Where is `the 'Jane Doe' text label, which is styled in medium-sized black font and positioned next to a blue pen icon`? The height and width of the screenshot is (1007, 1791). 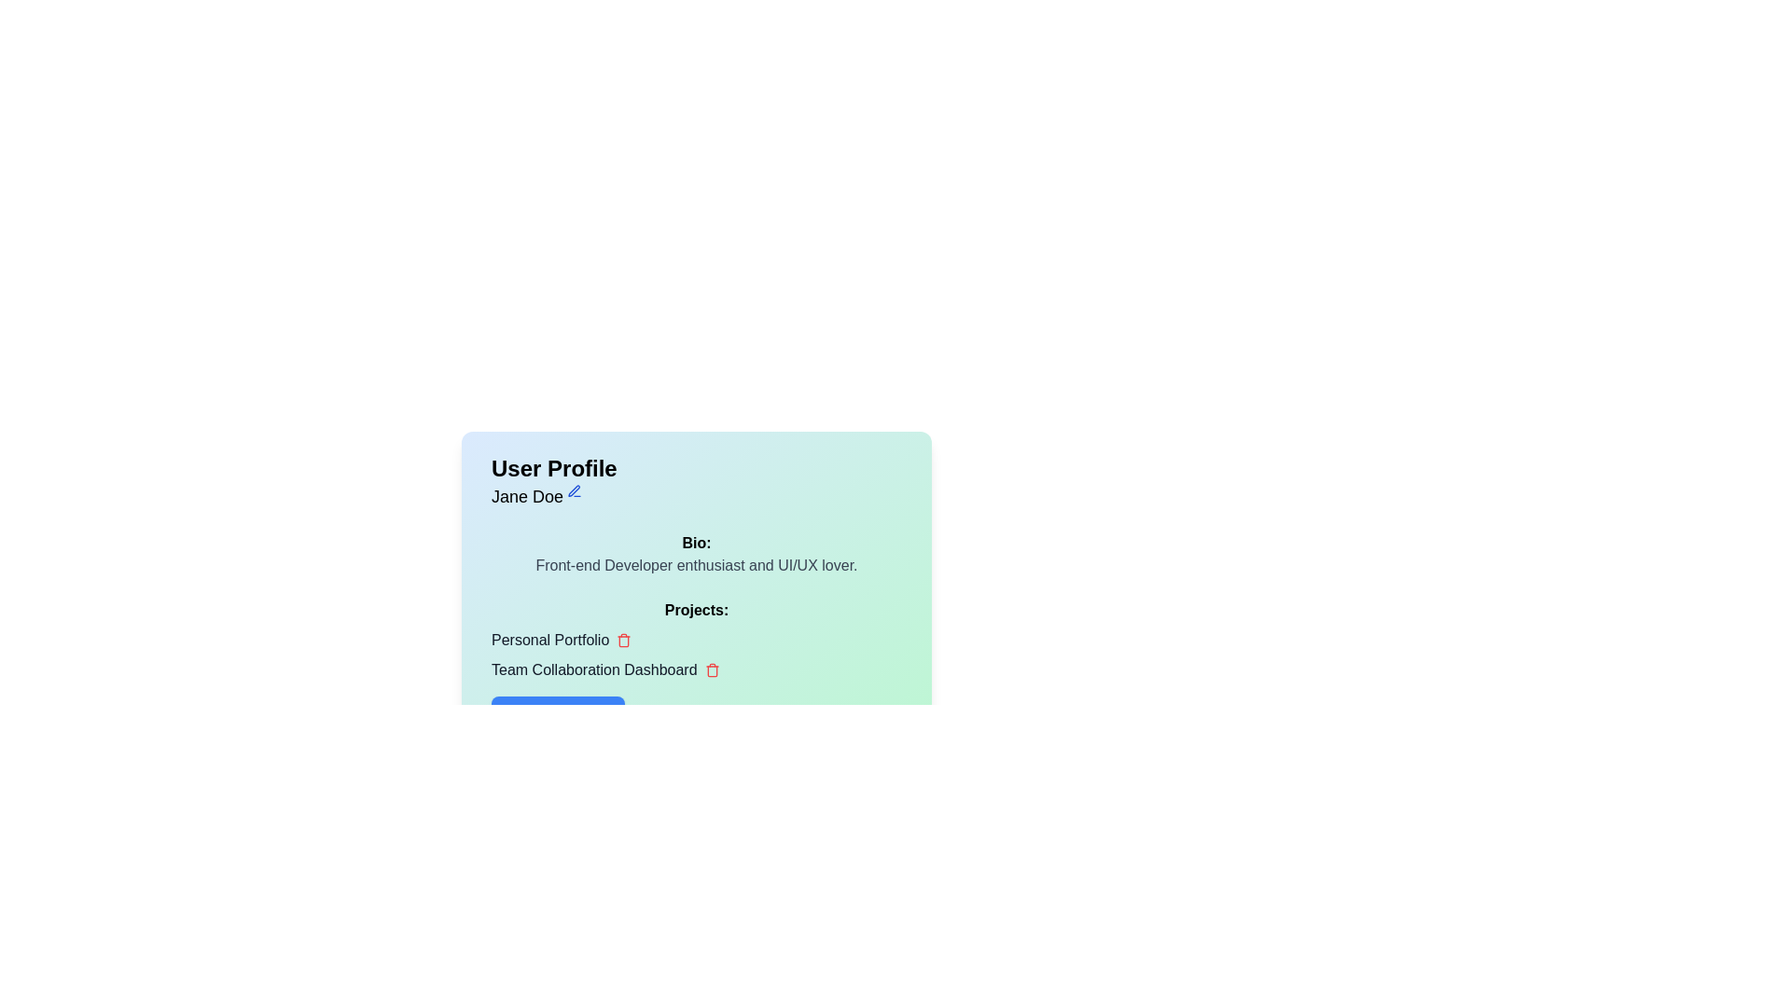 the 'Jane Doe' text label, which is styled in medium-sized black font and positioned next to a blue pen icon is located at coordinates (535, 495).